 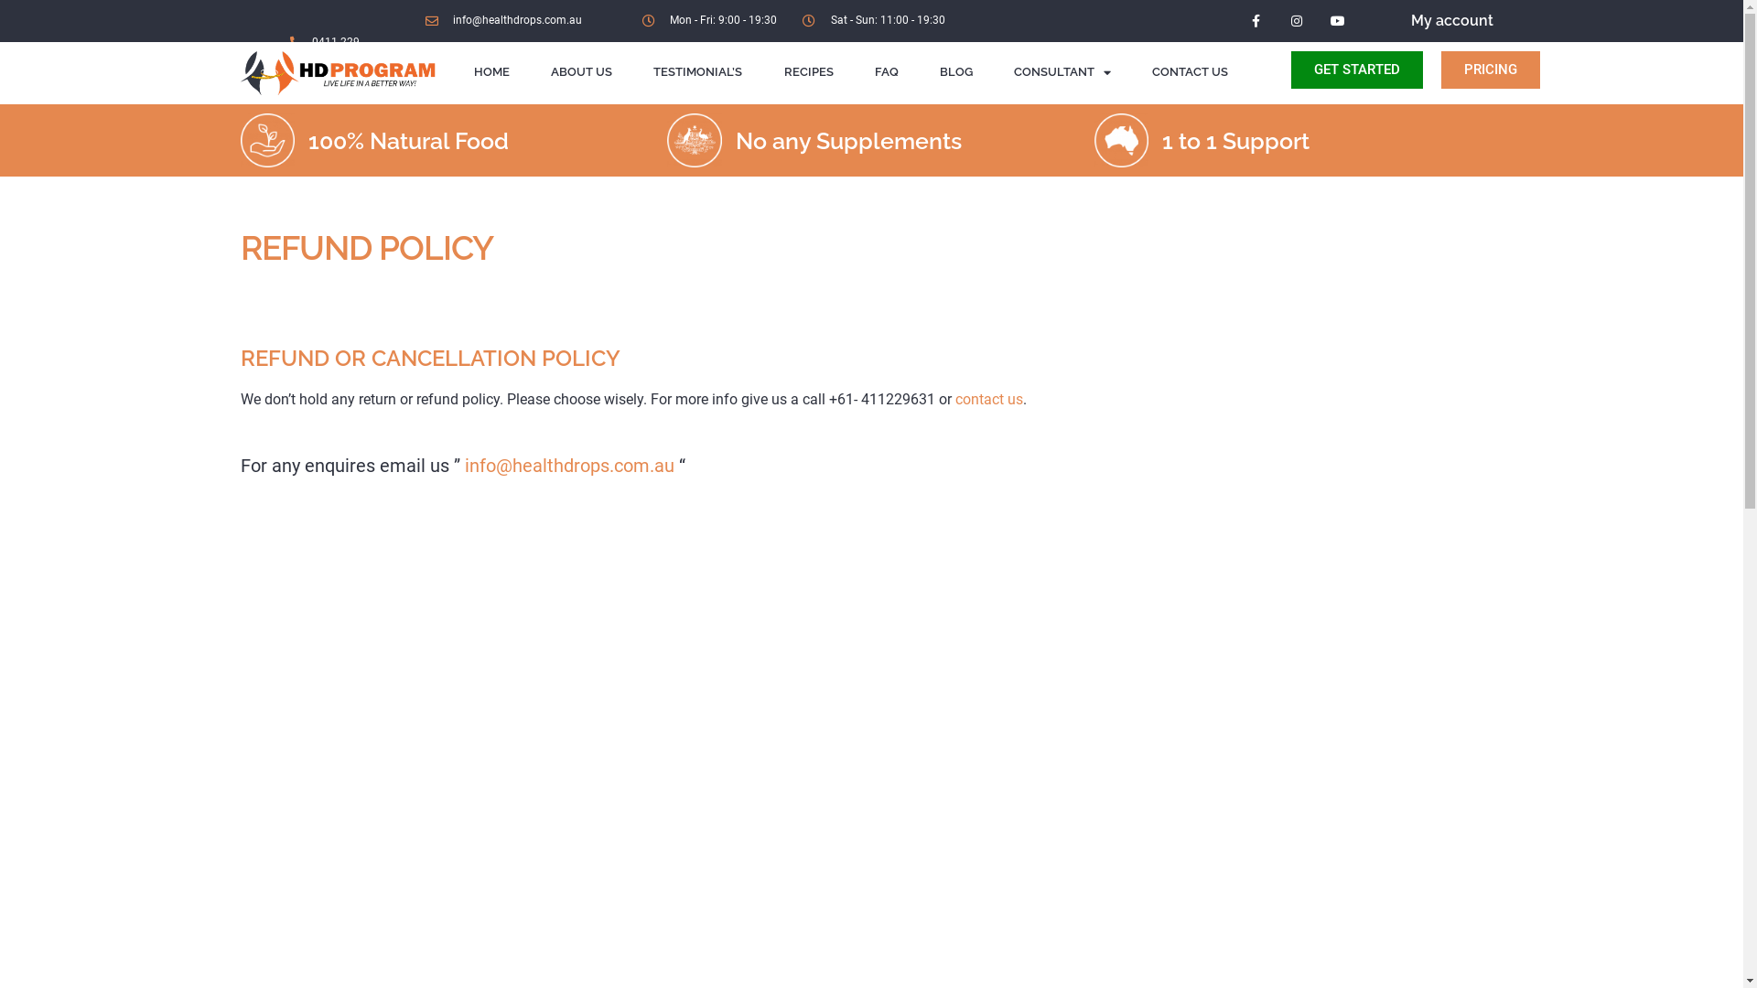 I want to click on 'GET STARTED', so click(x=1290, y=69).